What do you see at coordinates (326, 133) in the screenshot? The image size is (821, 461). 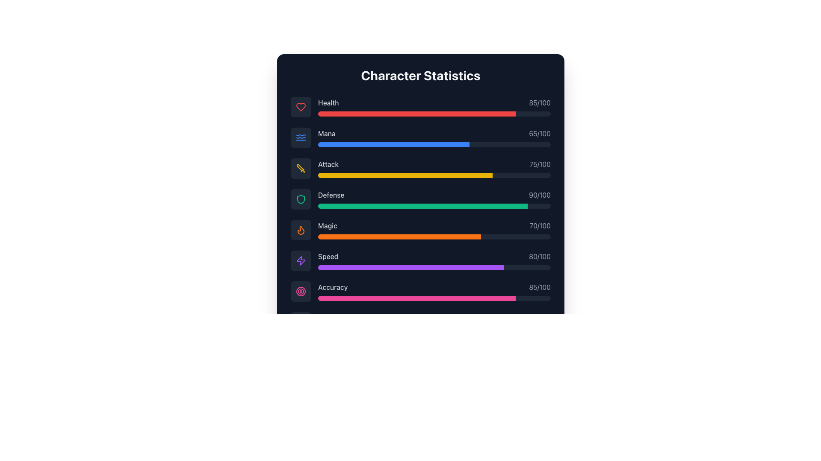 I see `text of the 'Mana' label, which is a medium gray text located next to a blue horizontal bar and to the right of a wave symbol icon` at bounding box center [326, 133].